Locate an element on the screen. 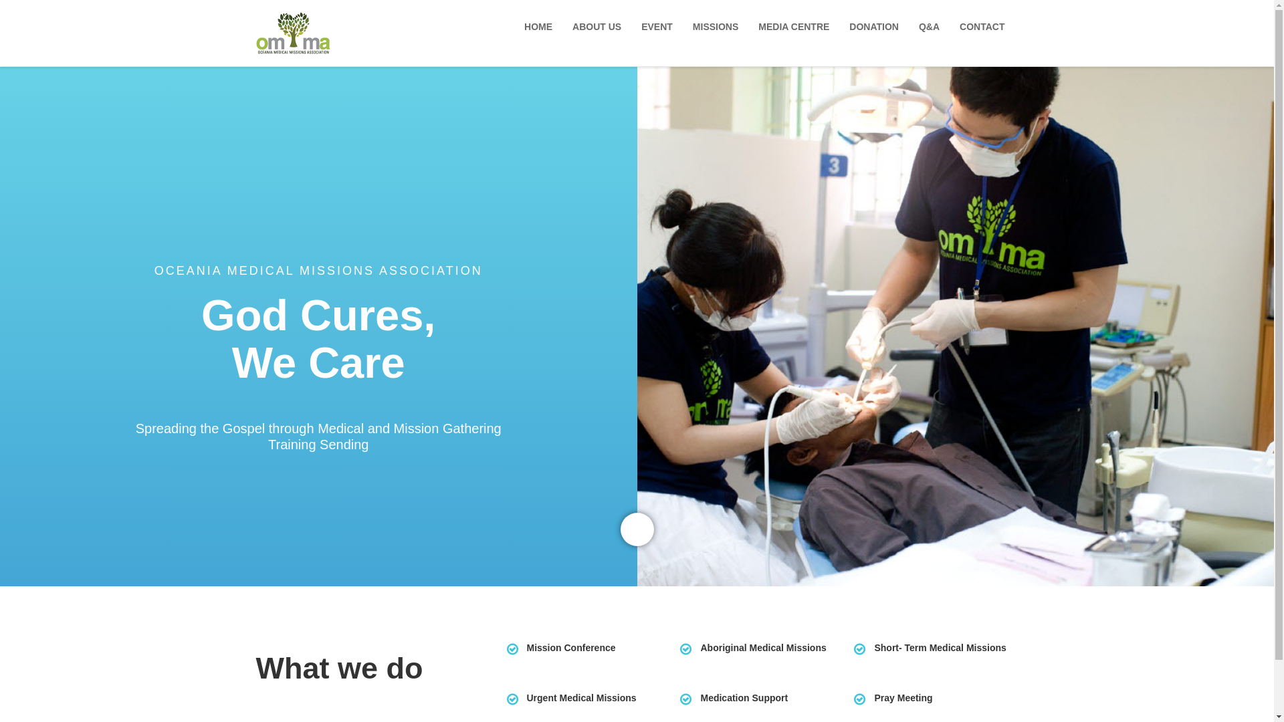  'MISSIONS' is located at coordinates (718, 26).